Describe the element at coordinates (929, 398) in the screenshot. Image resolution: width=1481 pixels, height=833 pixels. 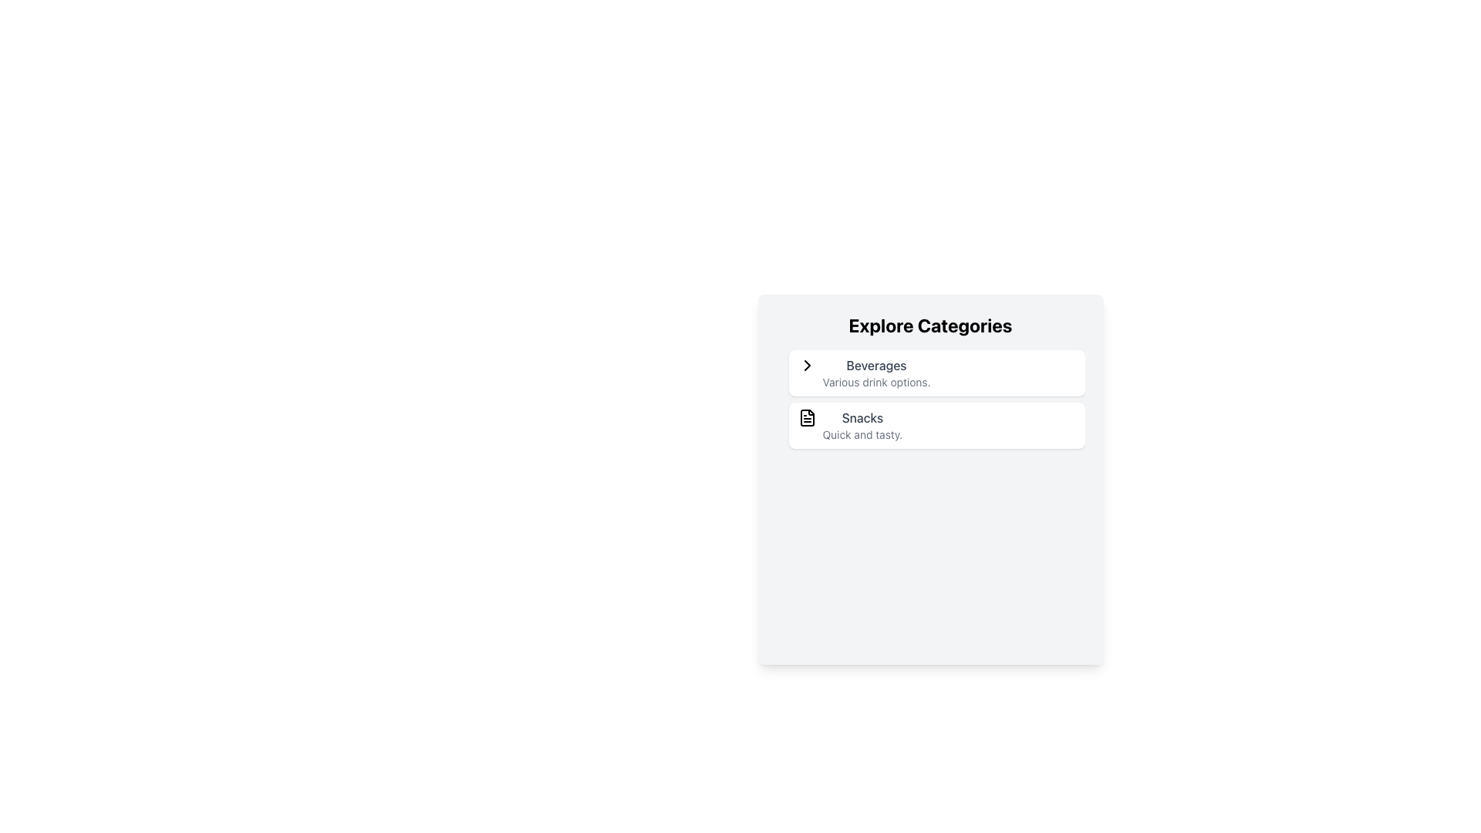
I see `the 'Beverages' item in the Vertical List Item Group located below the 'Explore Categories' title` at that location.